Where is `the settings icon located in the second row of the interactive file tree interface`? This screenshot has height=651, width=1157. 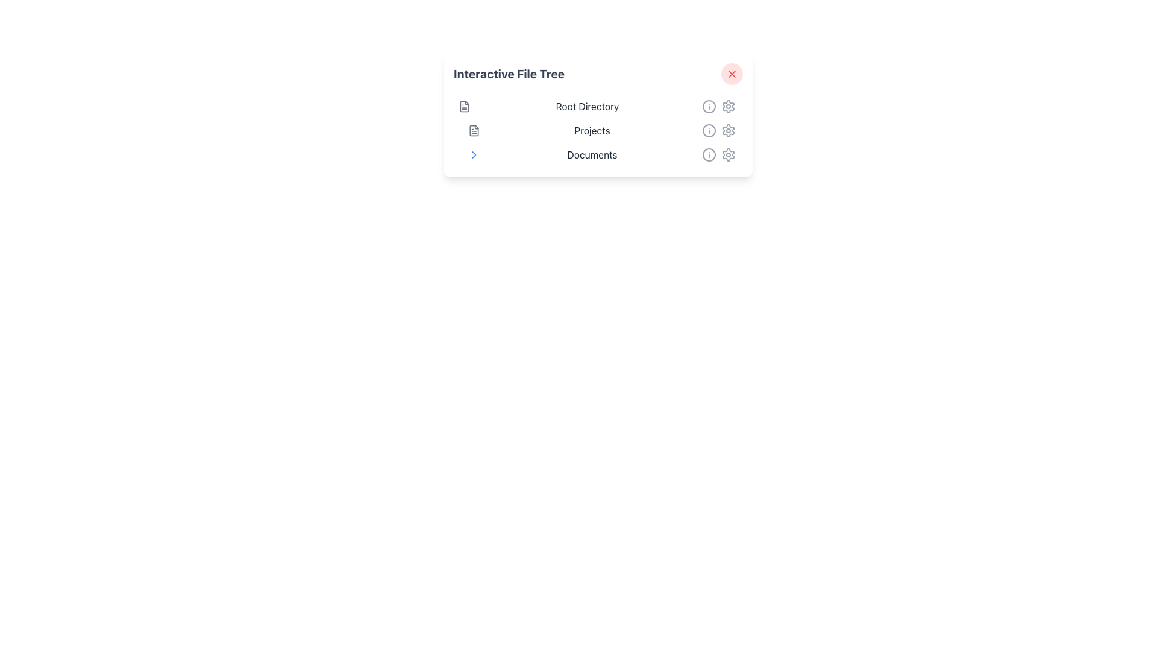
the settings icon located in the second row of the interactive file tree interface is located at coordinates (728, 130).